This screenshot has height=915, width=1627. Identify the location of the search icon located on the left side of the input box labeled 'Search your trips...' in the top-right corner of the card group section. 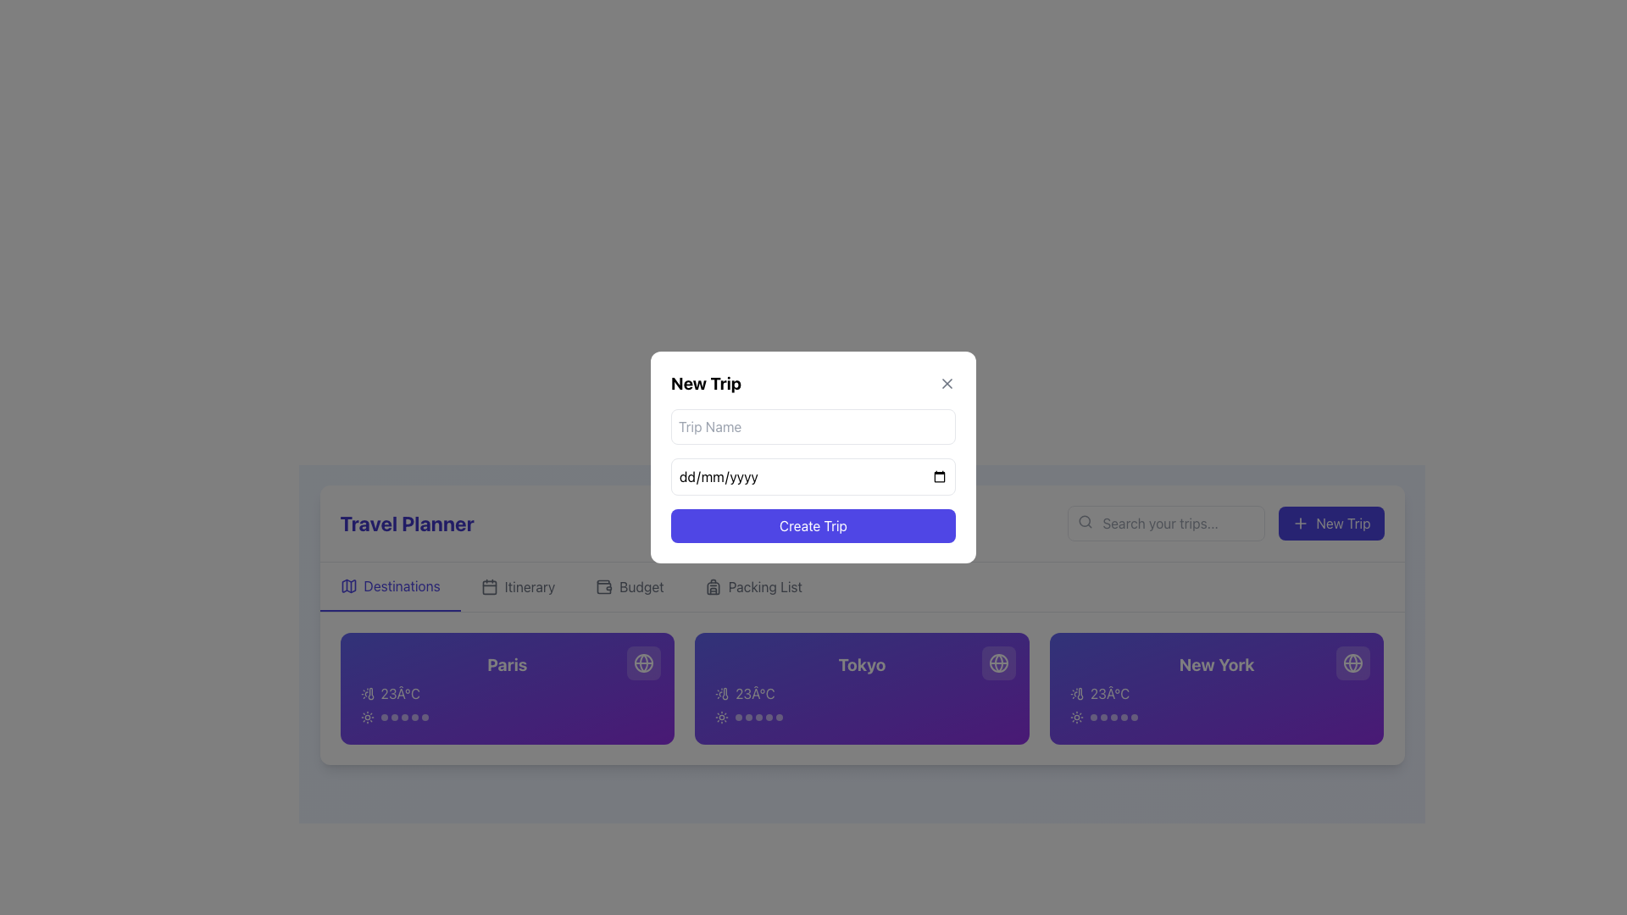
(1086, 521).